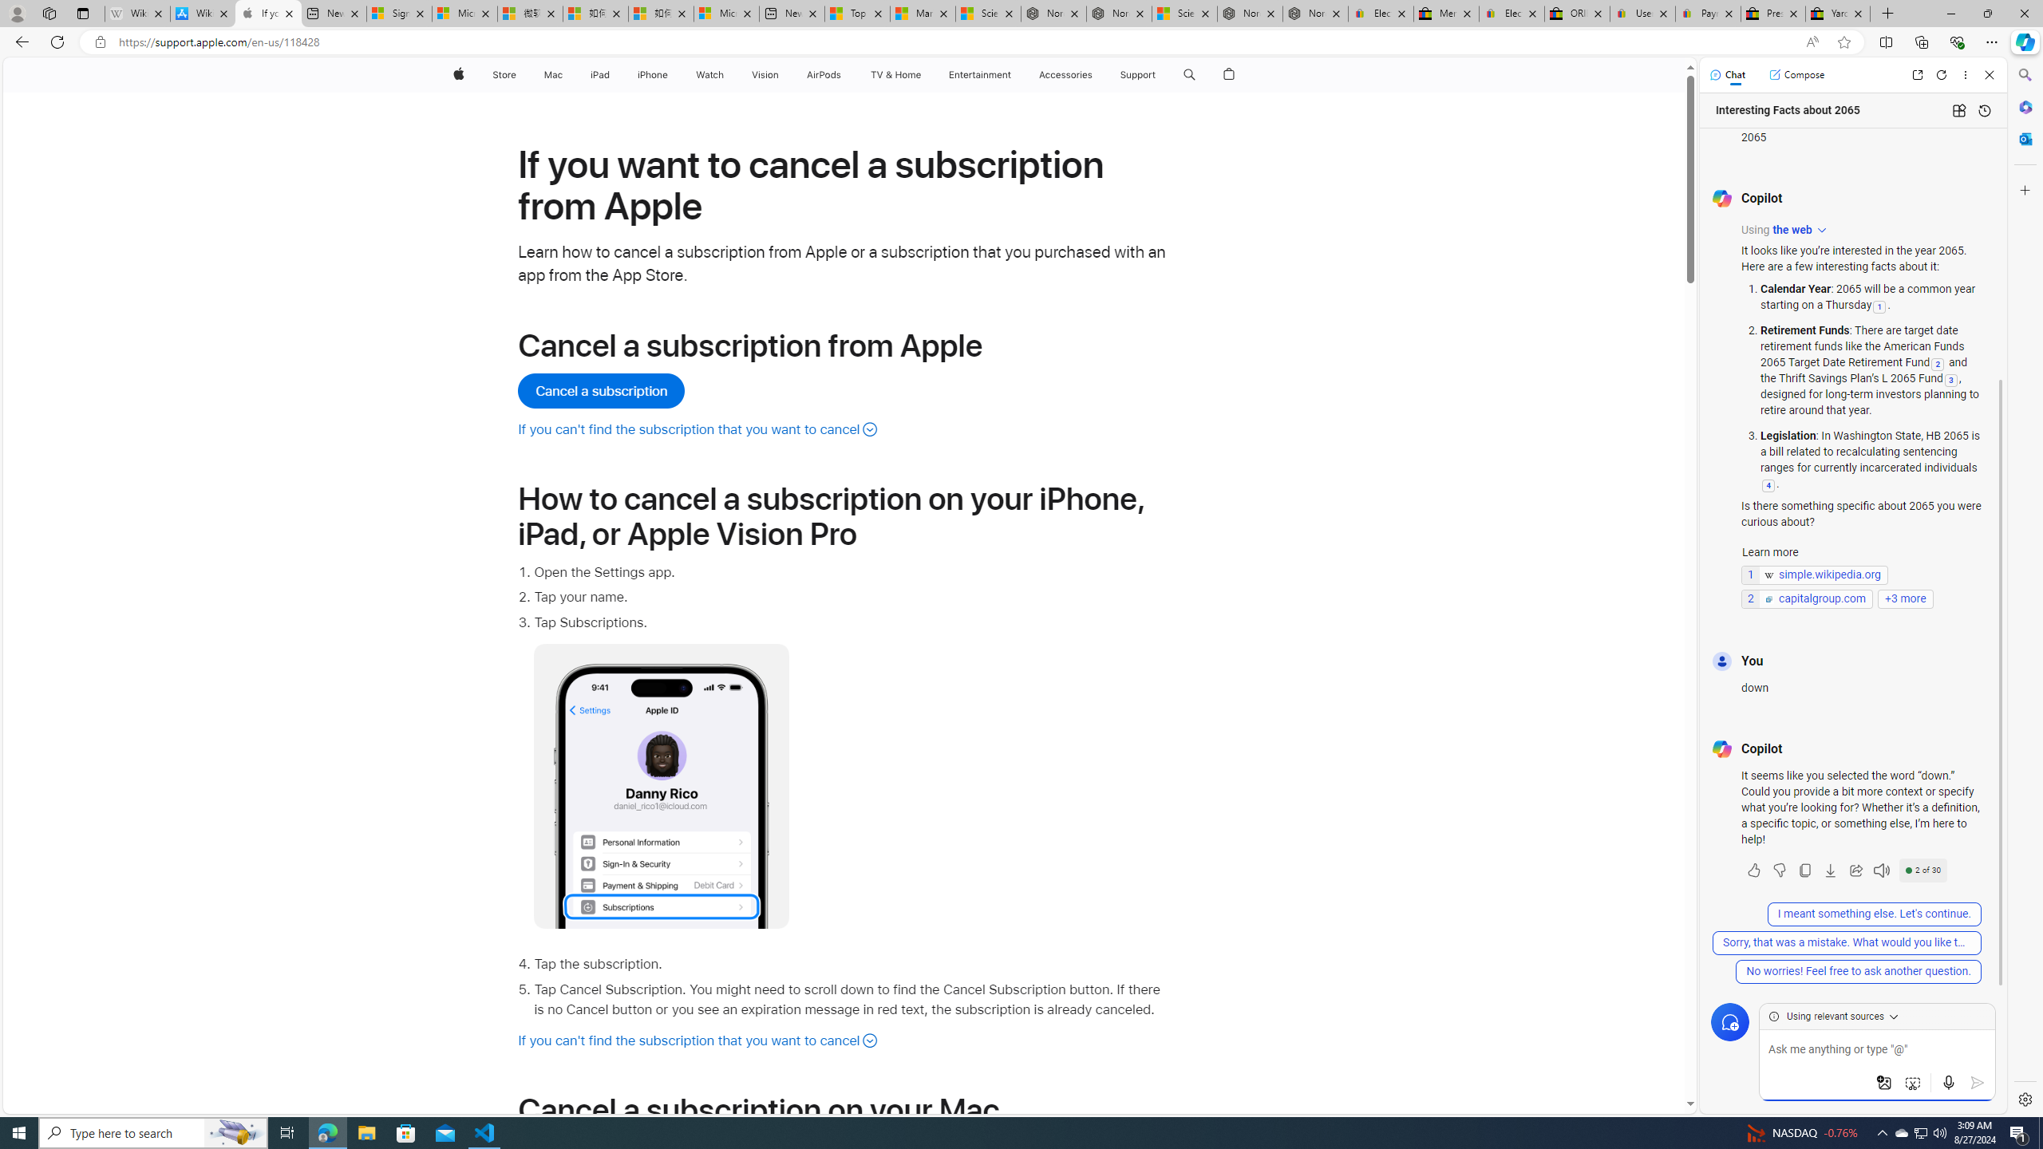 Image resolution: width=2043 pixels, height=1149 pixels. Describe the element at coordinates (1158, 74) in the screenshot. I see `'Support menu'` at that location.